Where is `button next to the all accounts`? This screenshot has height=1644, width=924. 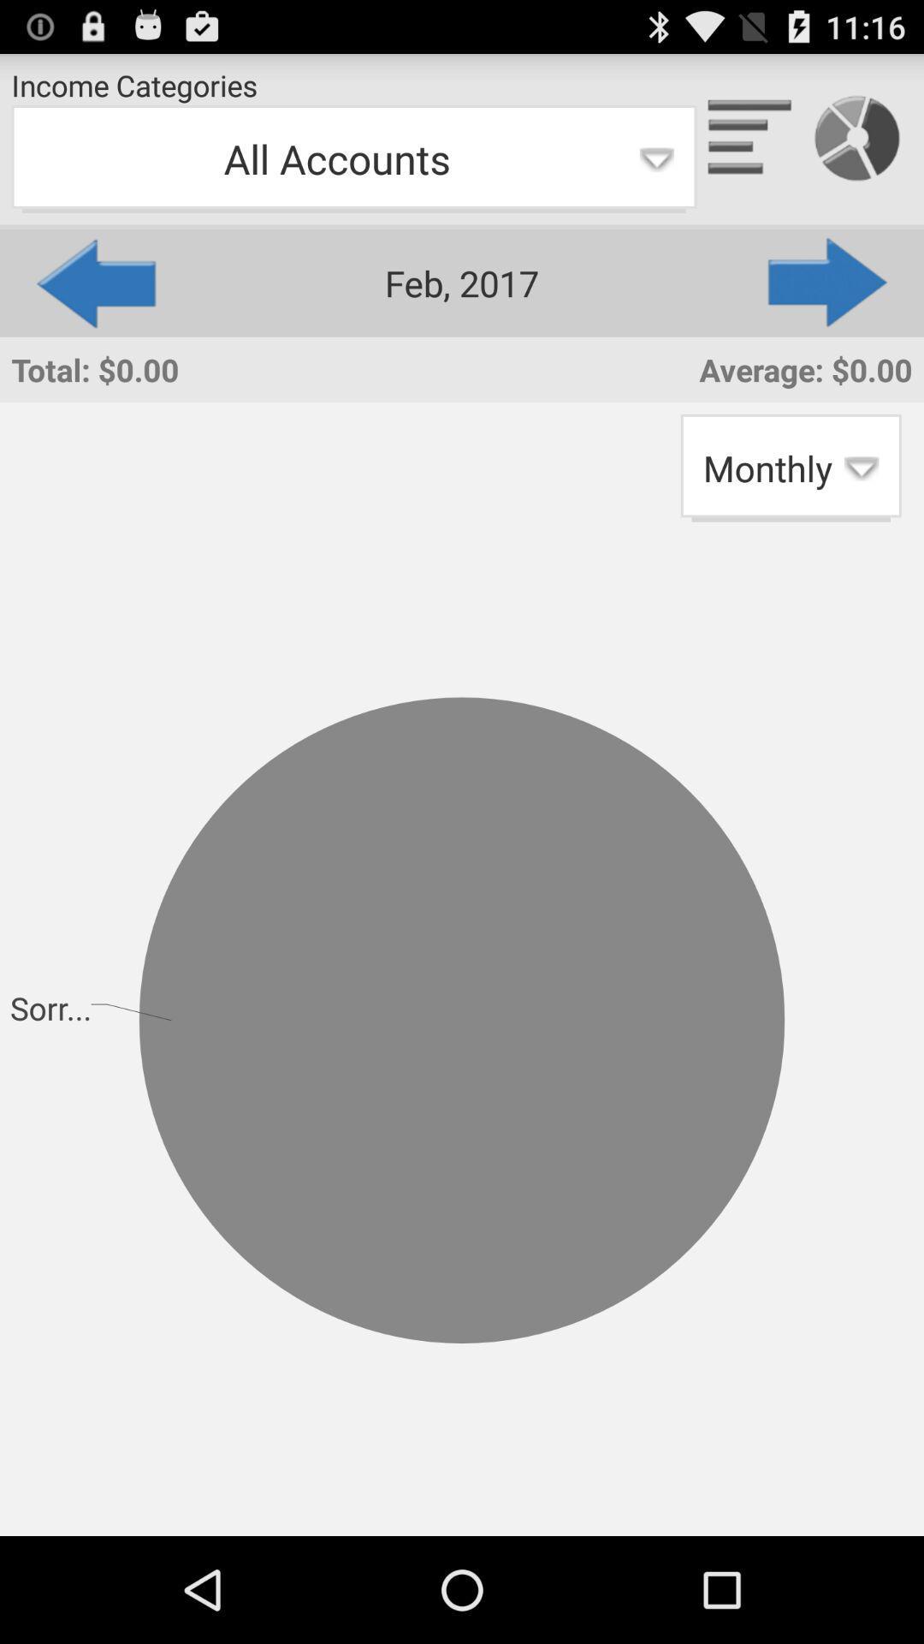 button next to the all accounts is located at coordinates (828, 283).